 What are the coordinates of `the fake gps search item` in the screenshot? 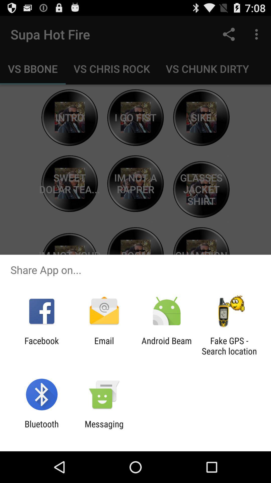 It's located at (229, 346).